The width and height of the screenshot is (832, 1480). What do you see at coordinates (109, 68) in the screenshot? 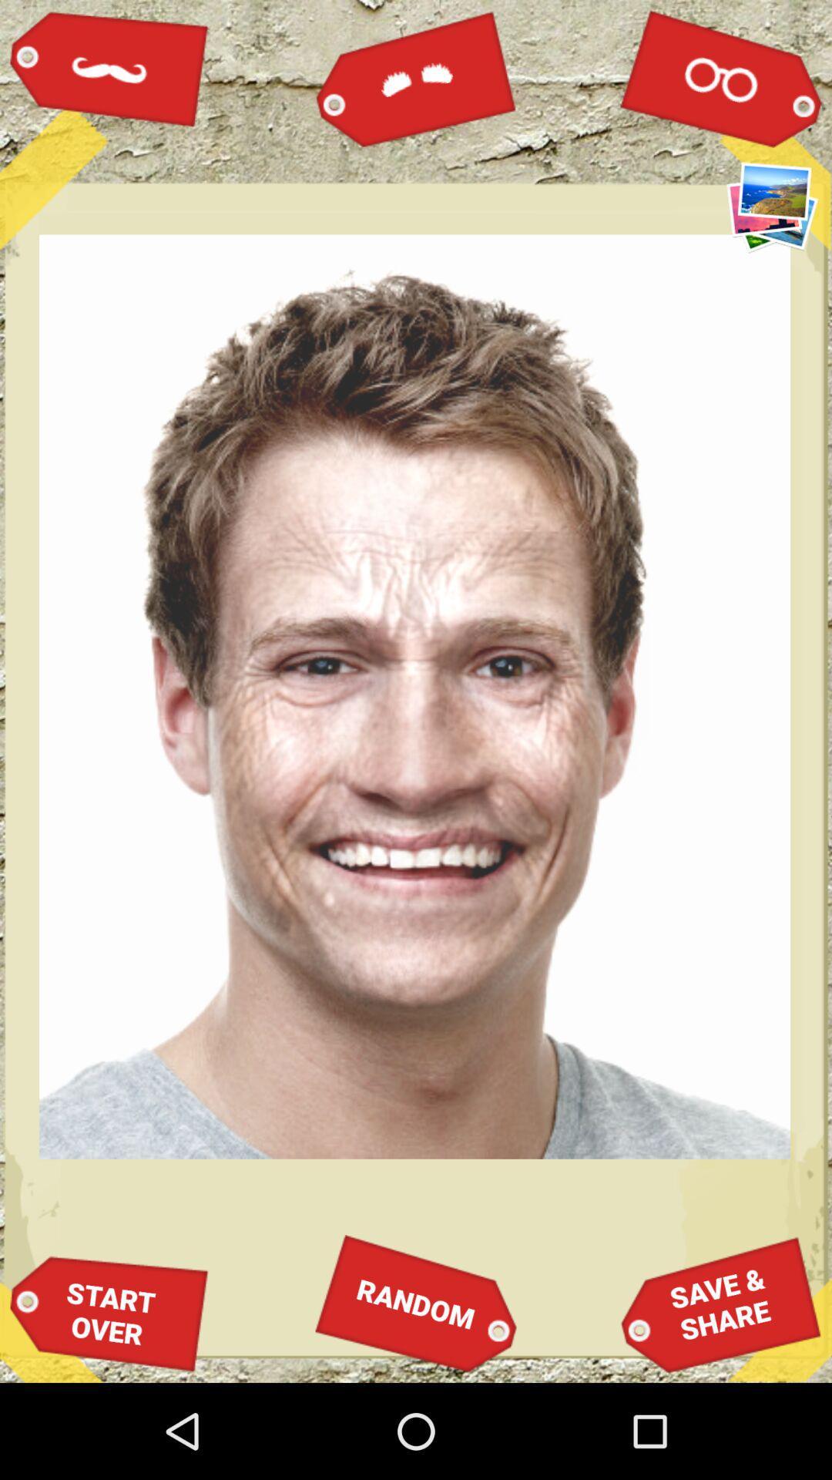
I see `icon at the top left corner` at bounding box center [109, 68].